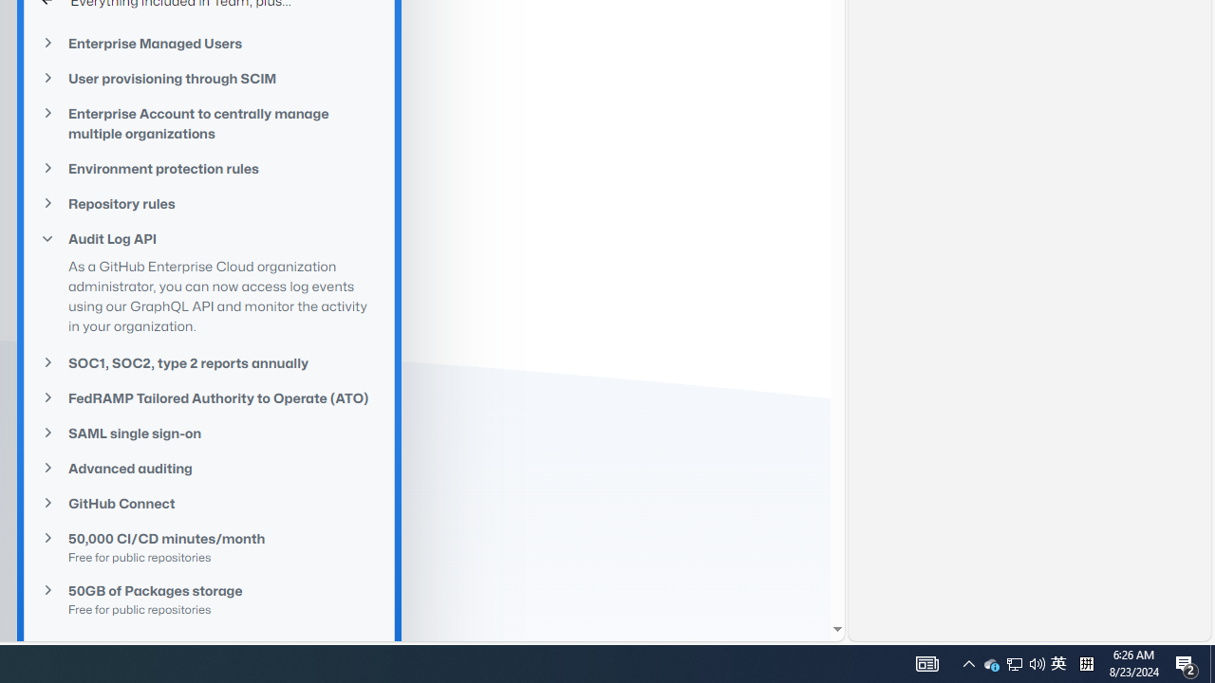  I want to click on 'Repository rules', so click(209, 203).